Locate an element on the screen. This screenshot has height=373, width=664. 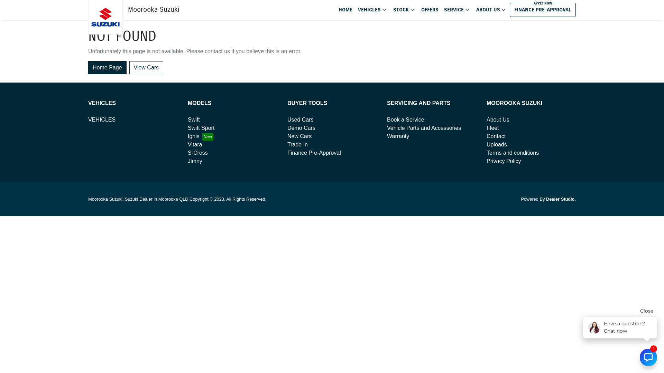
'Home Page' is located at coordinates (87, 67).